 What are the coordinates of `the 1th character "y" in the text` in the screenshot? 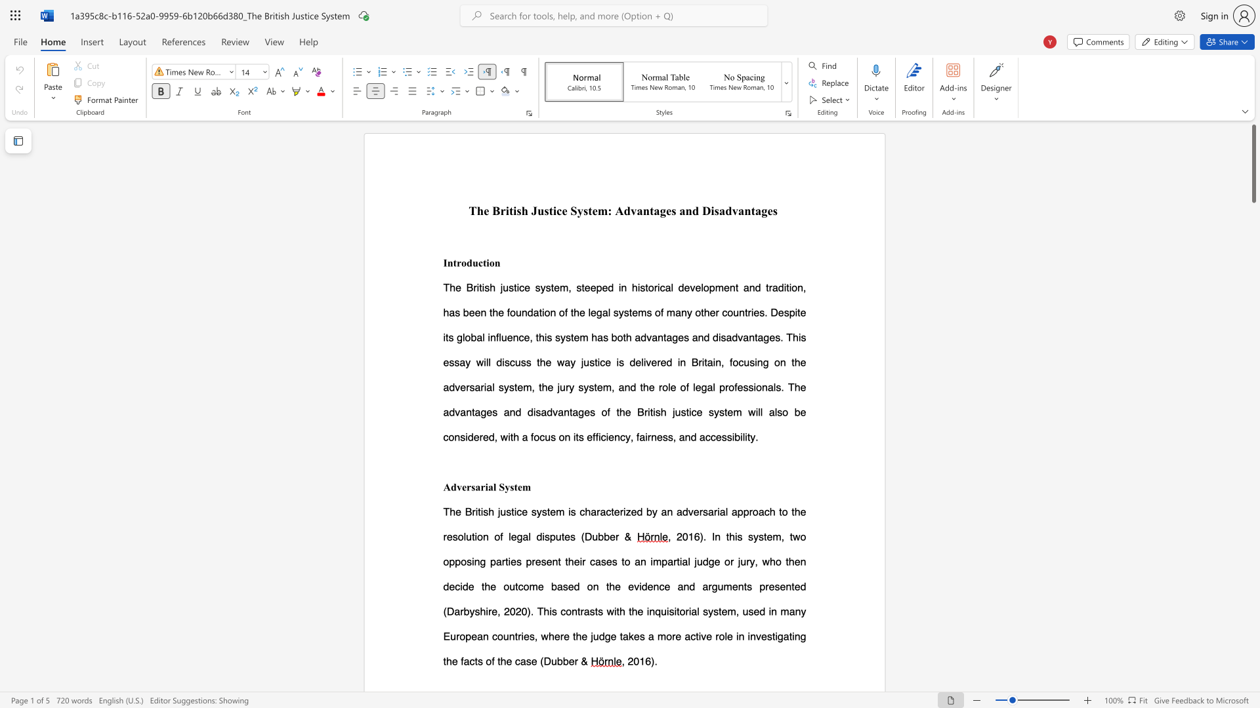 It's located at (579, 210).